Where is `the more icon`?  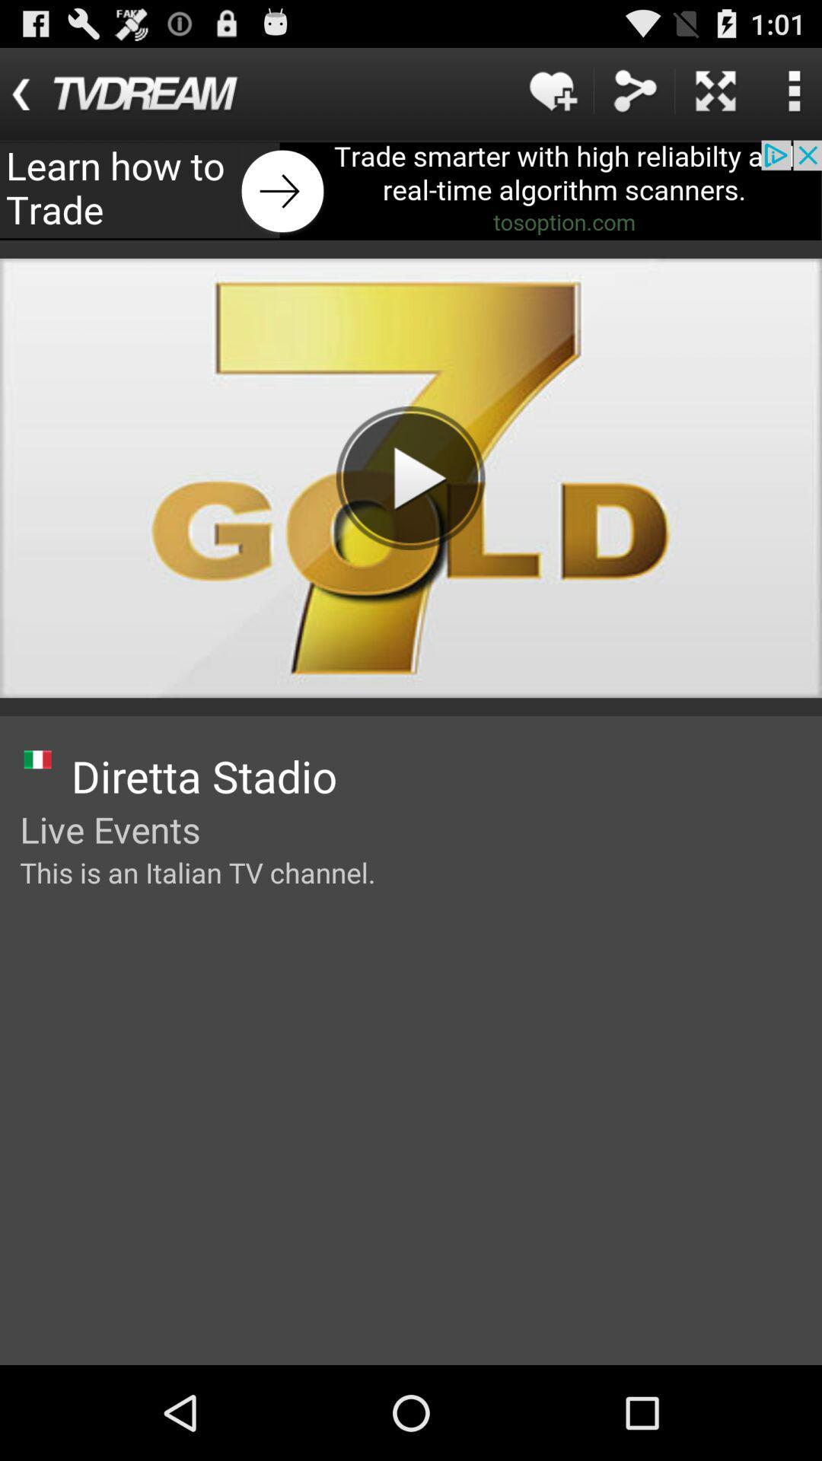 the more icon is located at coordinates (793, 97).